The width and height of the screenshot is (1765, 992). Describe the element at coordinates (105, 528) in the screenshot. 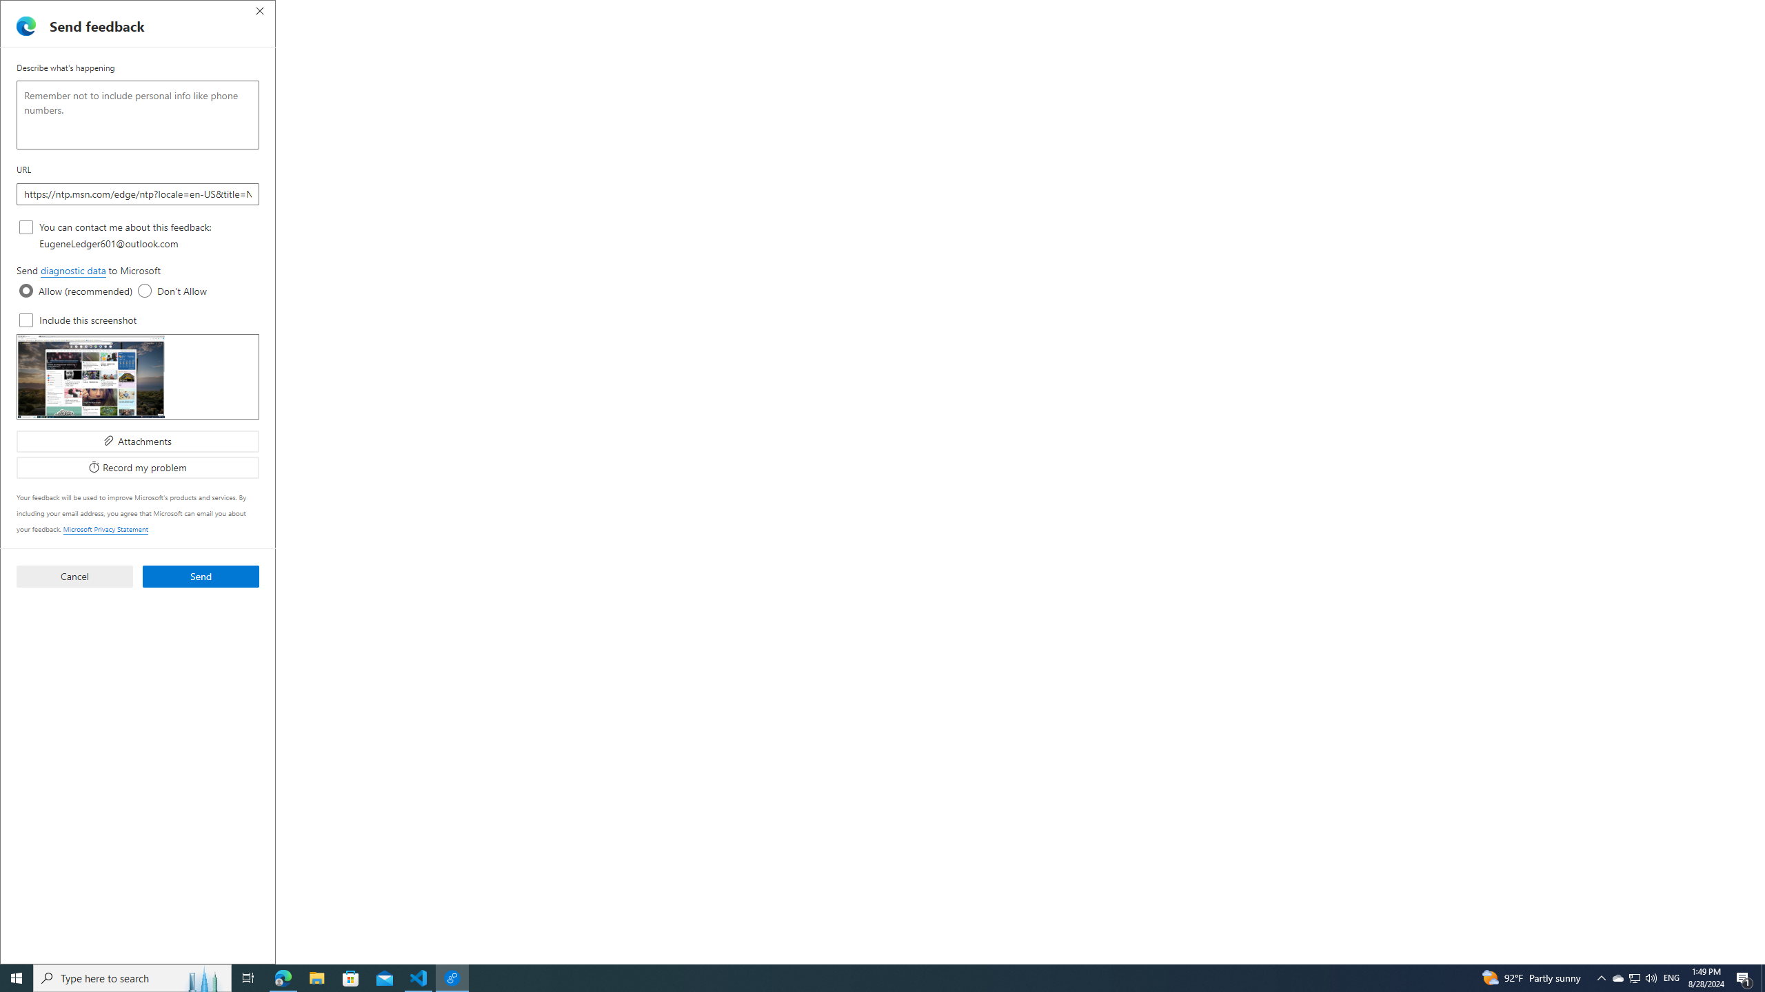

I see `'Microsoft Privacy Statement'` at that location.